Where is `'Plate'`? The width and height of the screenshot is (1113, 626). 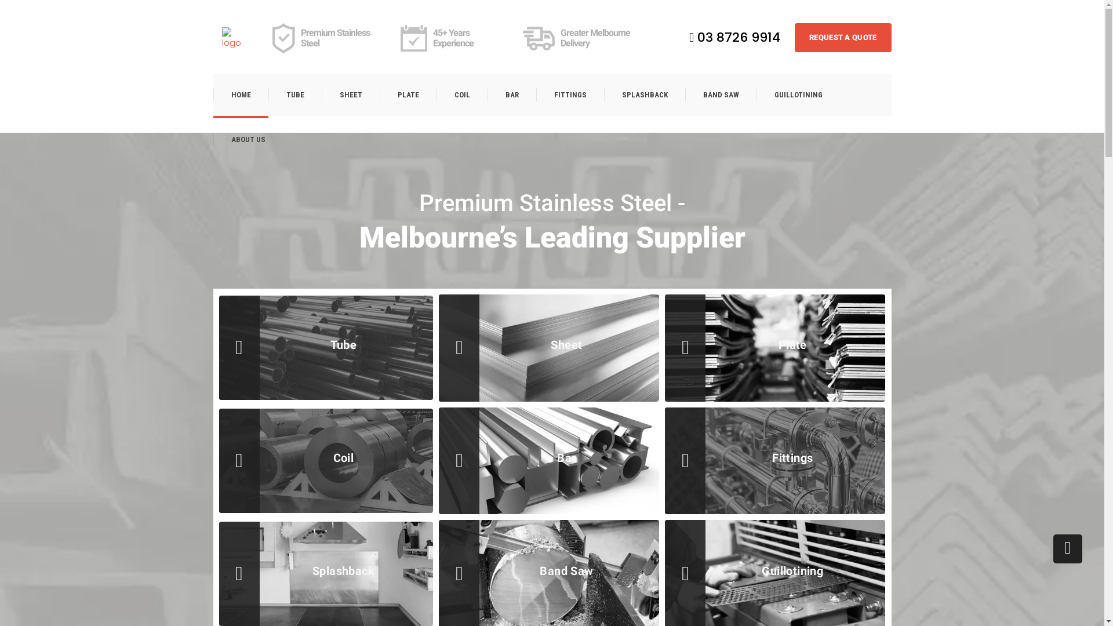 'Plate' is located at coordinates (792, 344).